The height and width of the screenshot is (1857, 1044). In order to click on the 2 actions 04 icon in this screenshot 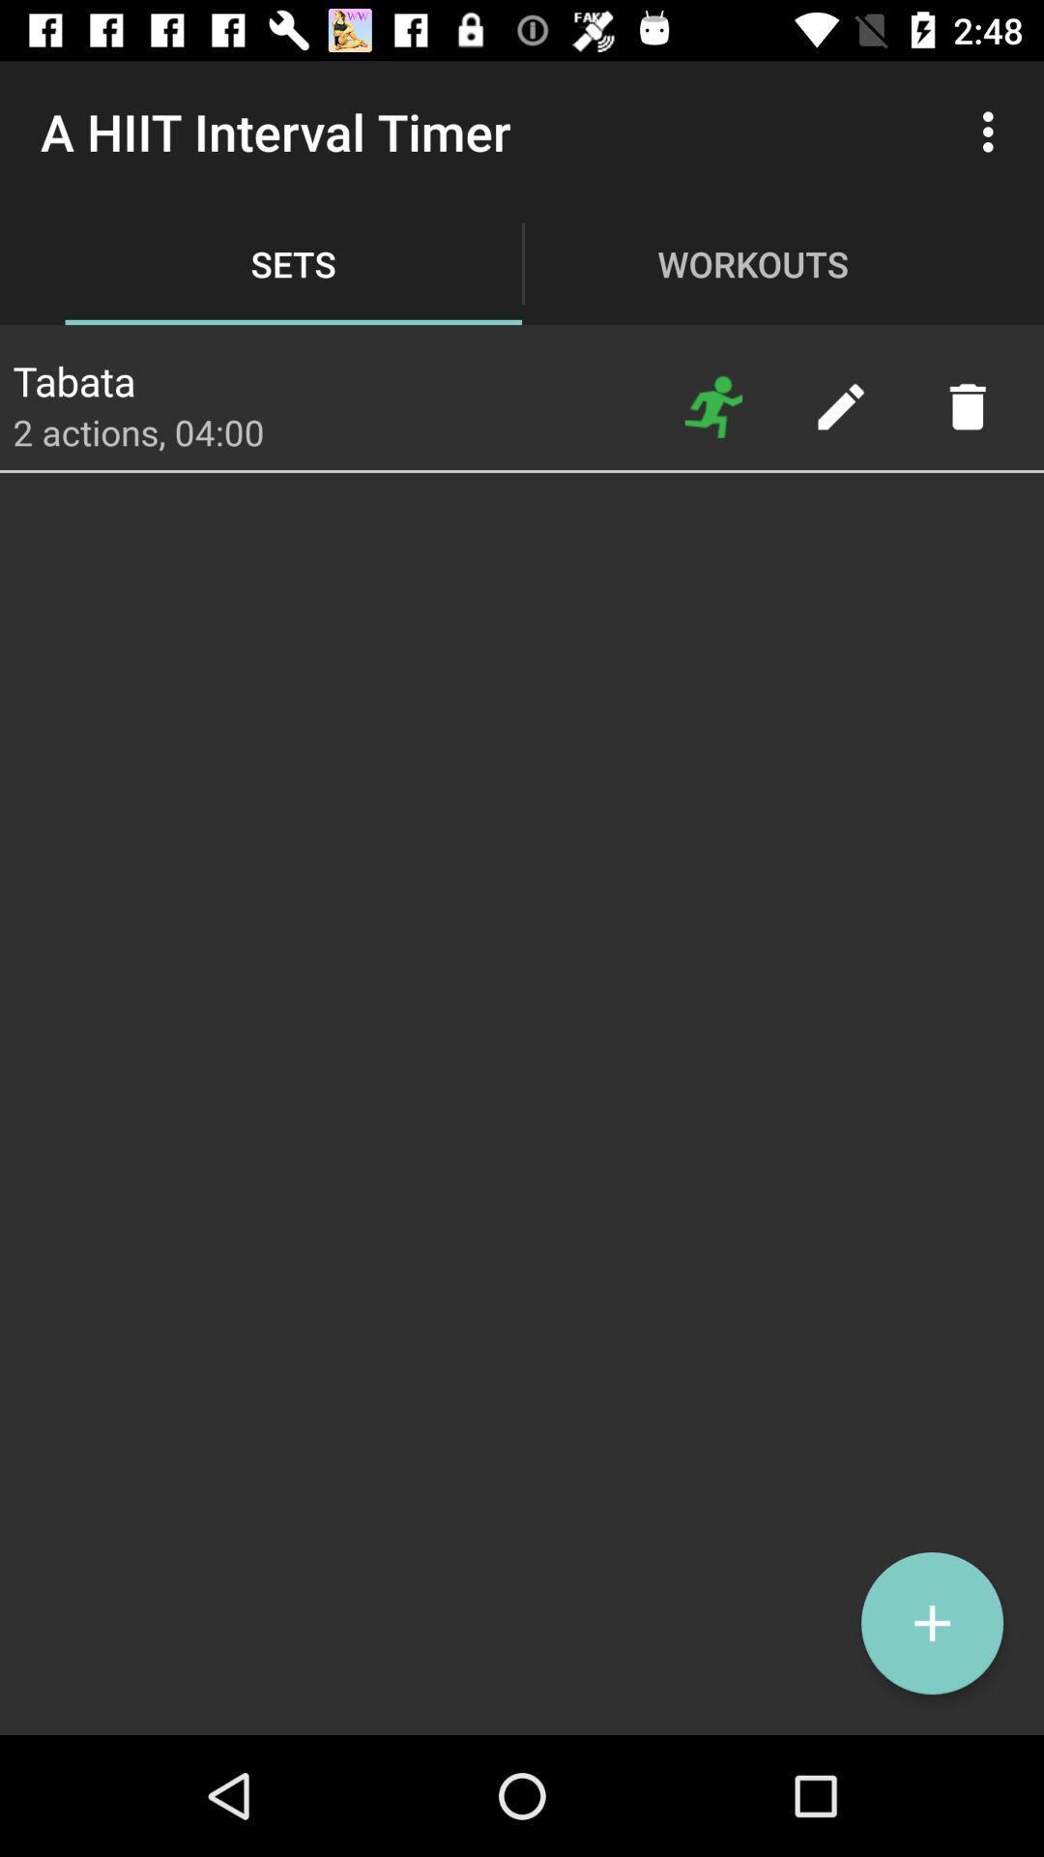, I will do `click(137, 430)`.